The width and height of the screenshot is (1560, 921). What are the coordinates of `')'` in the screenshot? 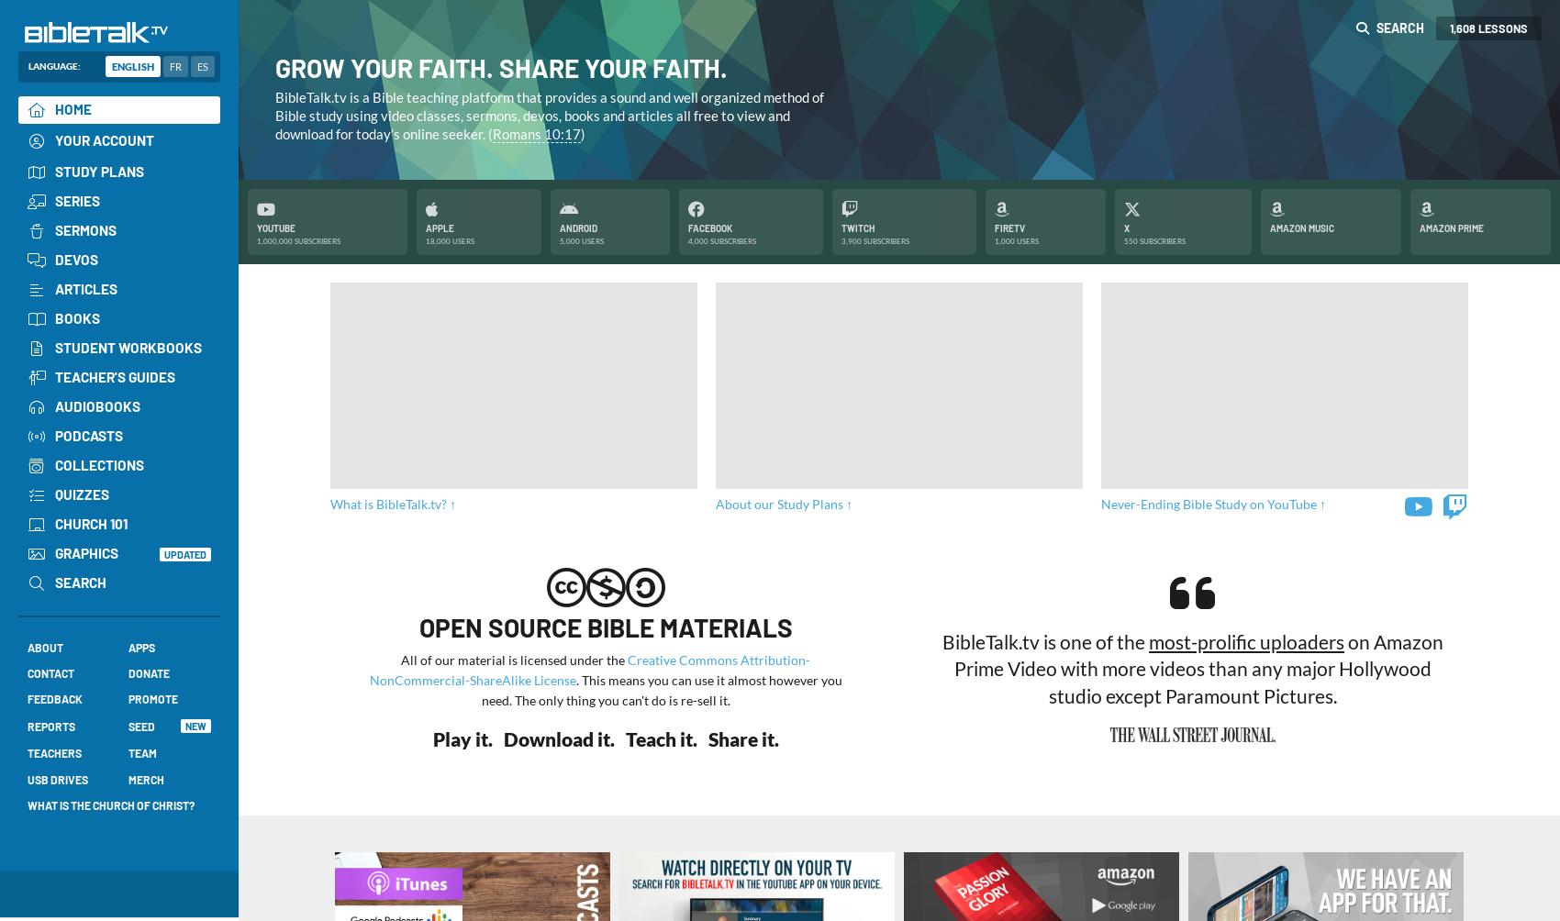 It's located at (582, 132).